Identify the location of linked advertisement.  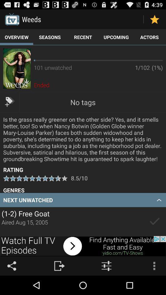
(83, 246).